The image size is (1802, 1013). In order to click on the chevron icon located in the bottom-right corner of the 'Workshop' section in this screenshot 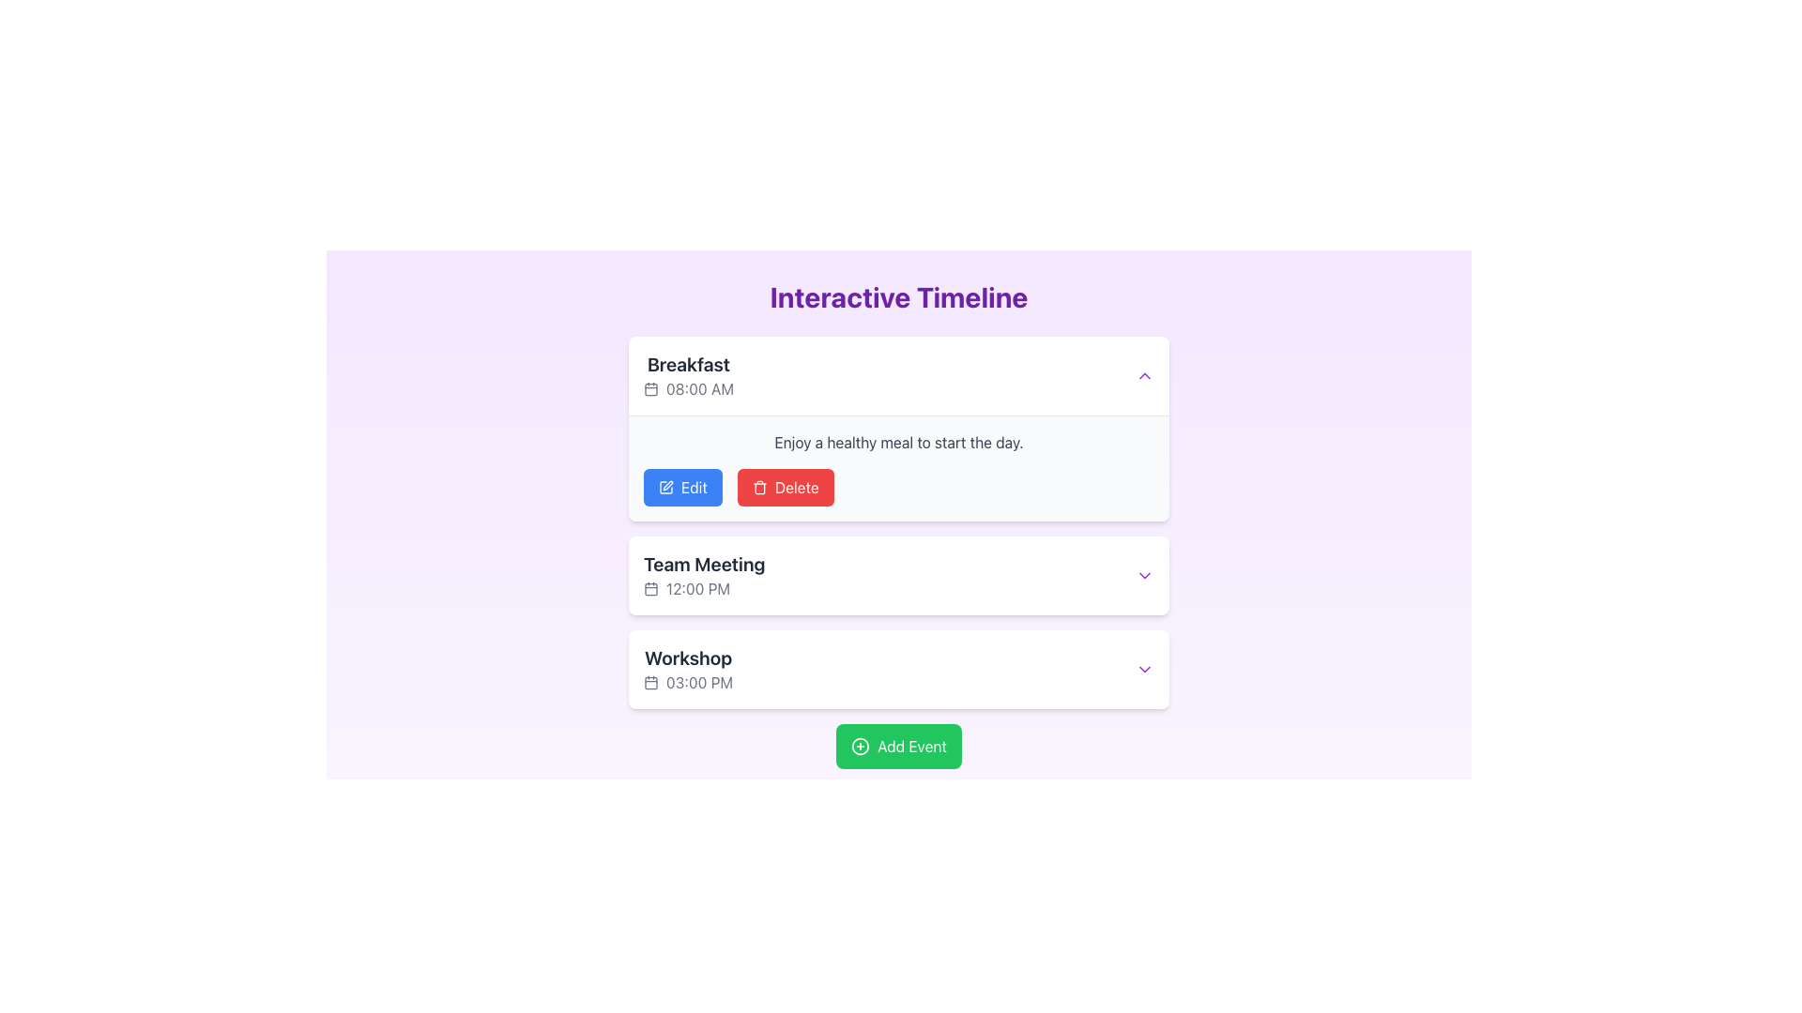, I will do `click(1143, 668)`.